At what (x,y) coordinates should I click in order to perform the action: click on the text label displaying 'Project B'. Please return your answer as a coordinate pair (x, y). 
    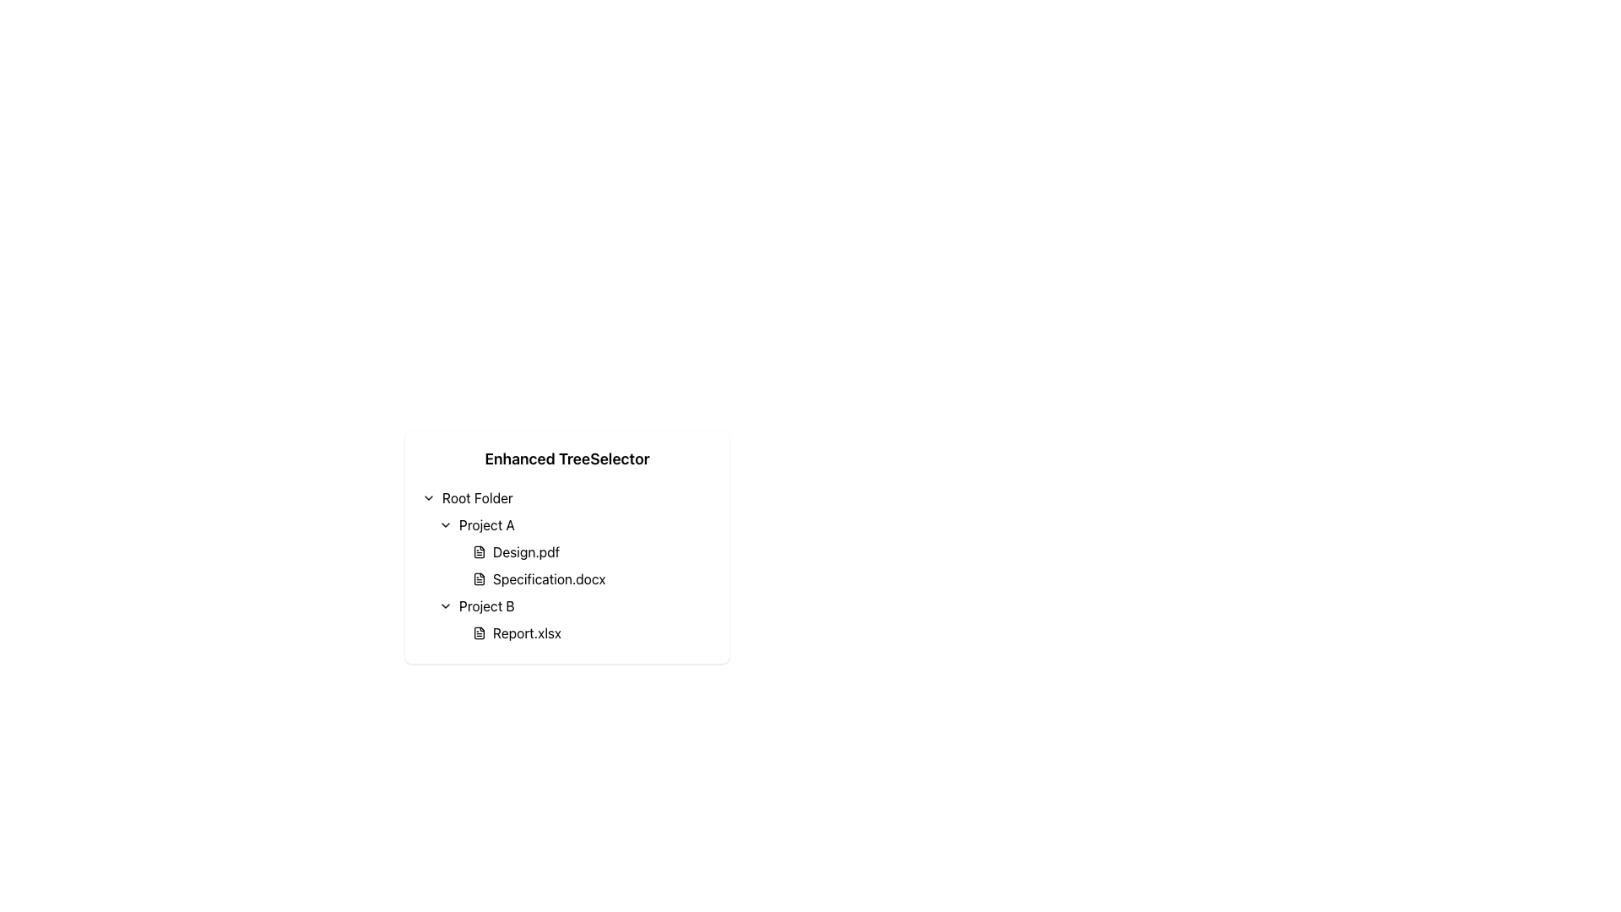
    Looking at the image, I should click on (485, 605).